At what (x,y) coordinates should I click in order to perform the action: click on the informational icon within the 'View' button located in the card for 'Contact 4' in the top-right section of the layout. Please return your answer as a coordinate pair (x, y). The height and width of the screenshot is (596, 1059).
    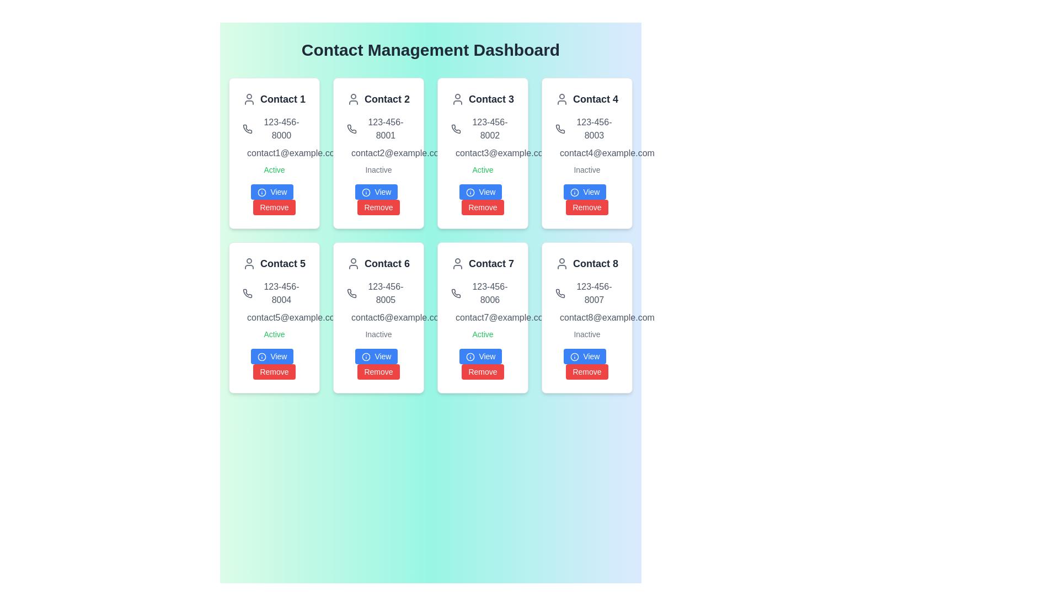
    Looking at the image, I should click on (574, 192).